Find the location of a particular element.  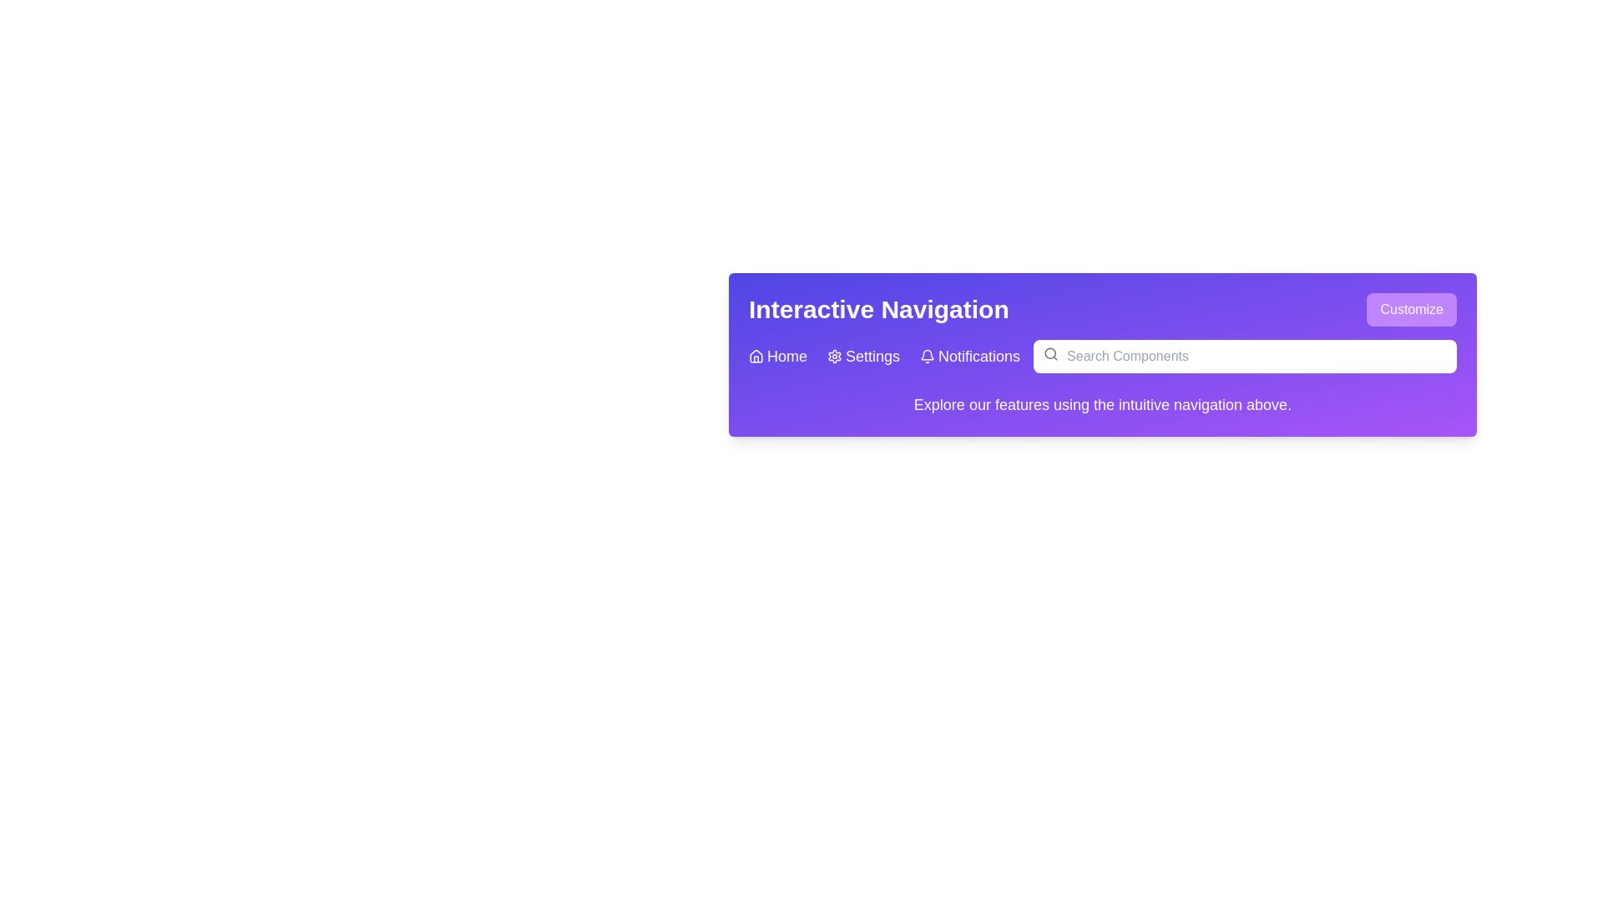

the gear-shaped settings icon located in the navigation bar, which is purple and positioned between the 'Home' label and the search bar is located at coordinates (834, 356).